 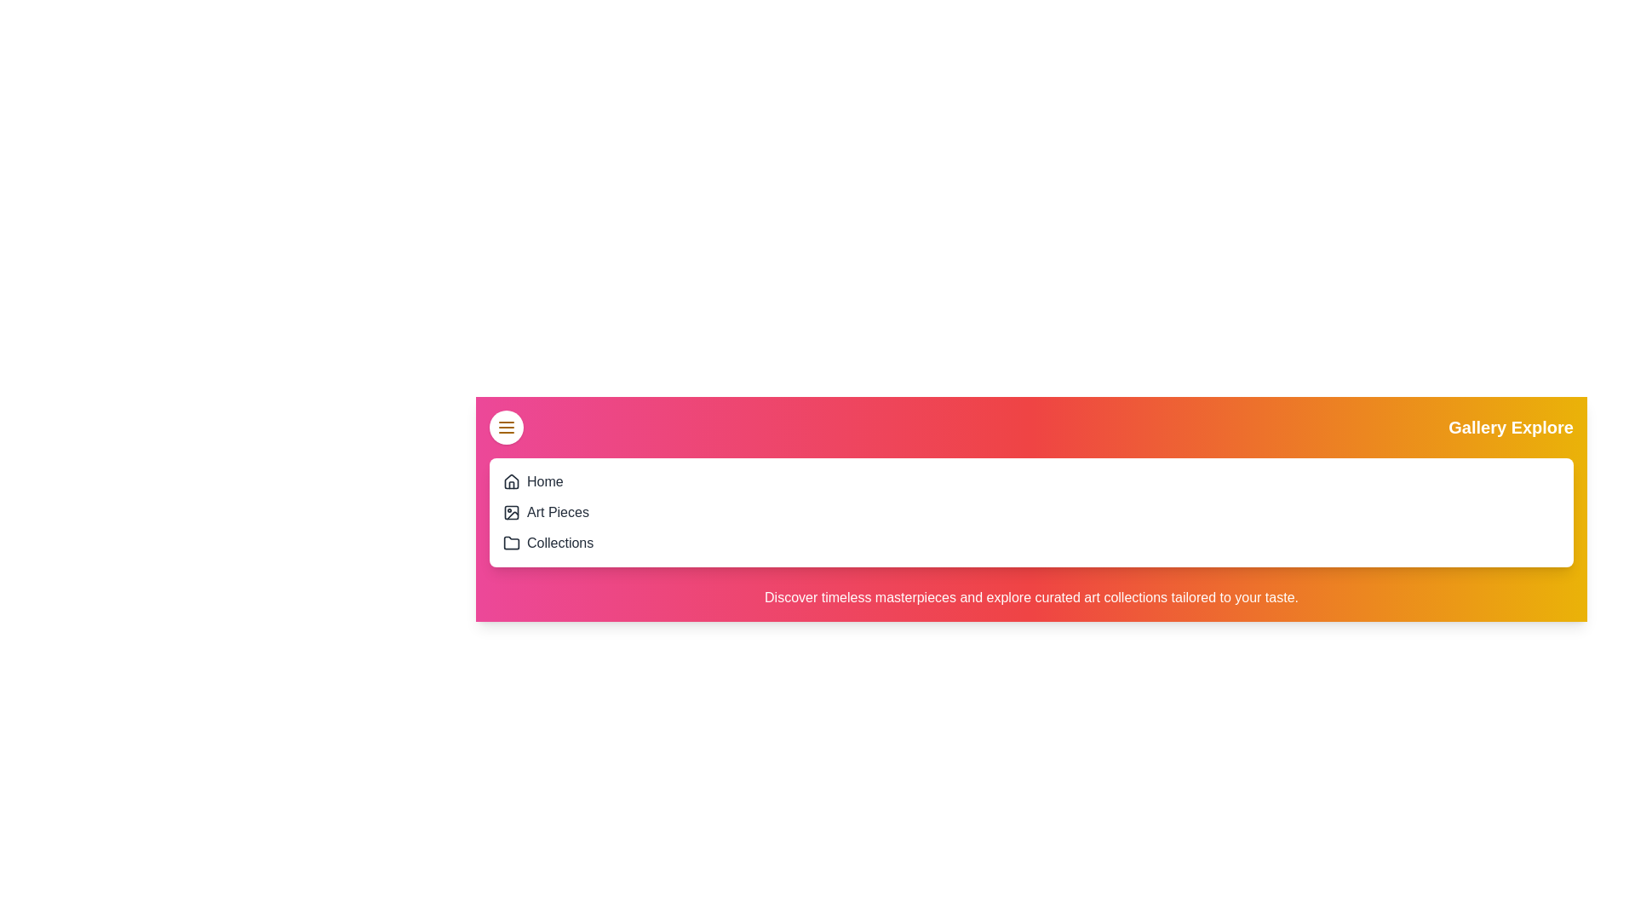 I want to click on the 'Home' list item in the navigation menu, so click(x=543, y=482).